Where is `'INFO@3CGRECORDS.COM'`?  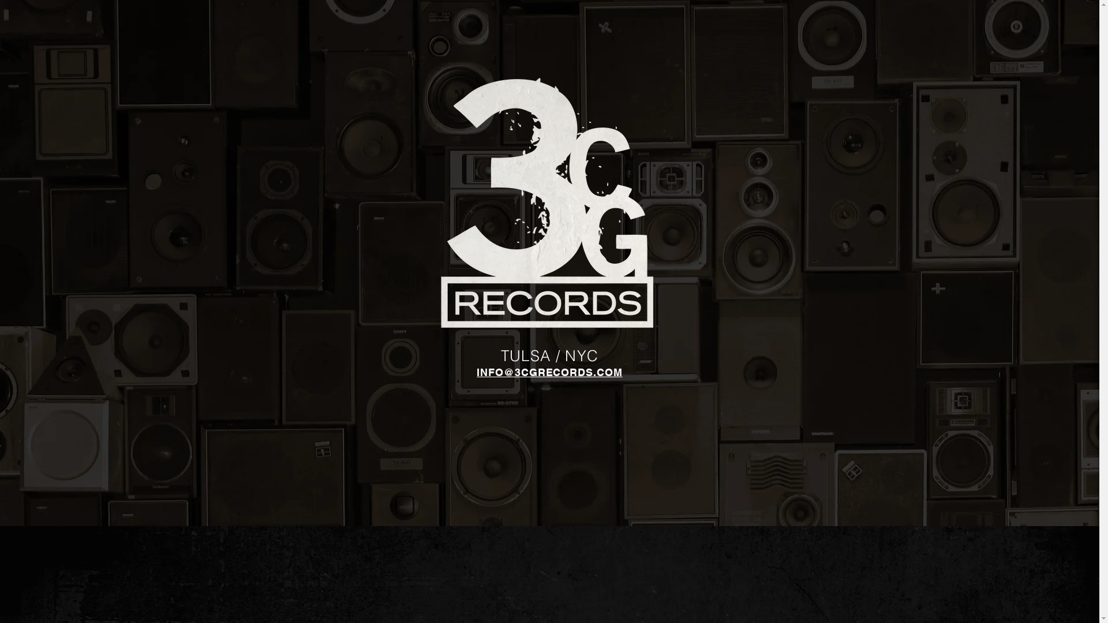 'INFO@3CGRECORDS.COM' is located at coordinates (548, 373).